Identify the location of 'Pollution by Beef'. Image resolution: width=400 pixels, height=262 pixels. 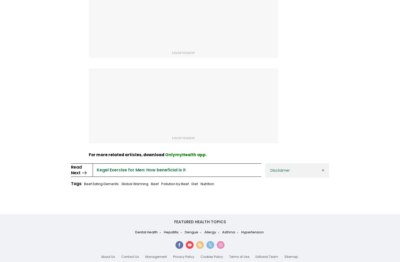
(175, 184).